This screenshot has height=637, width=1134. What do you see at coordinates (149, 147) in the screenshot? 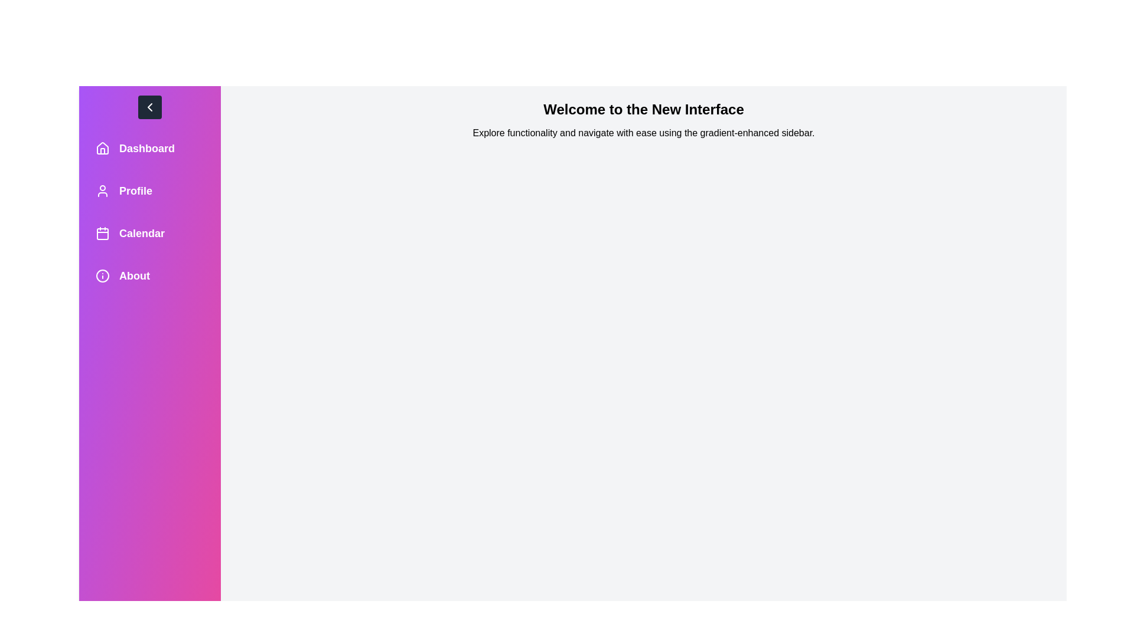
I see `the menu item labeled Dashboard to navigate to the corresponding section` at bounding box center [149, 147].